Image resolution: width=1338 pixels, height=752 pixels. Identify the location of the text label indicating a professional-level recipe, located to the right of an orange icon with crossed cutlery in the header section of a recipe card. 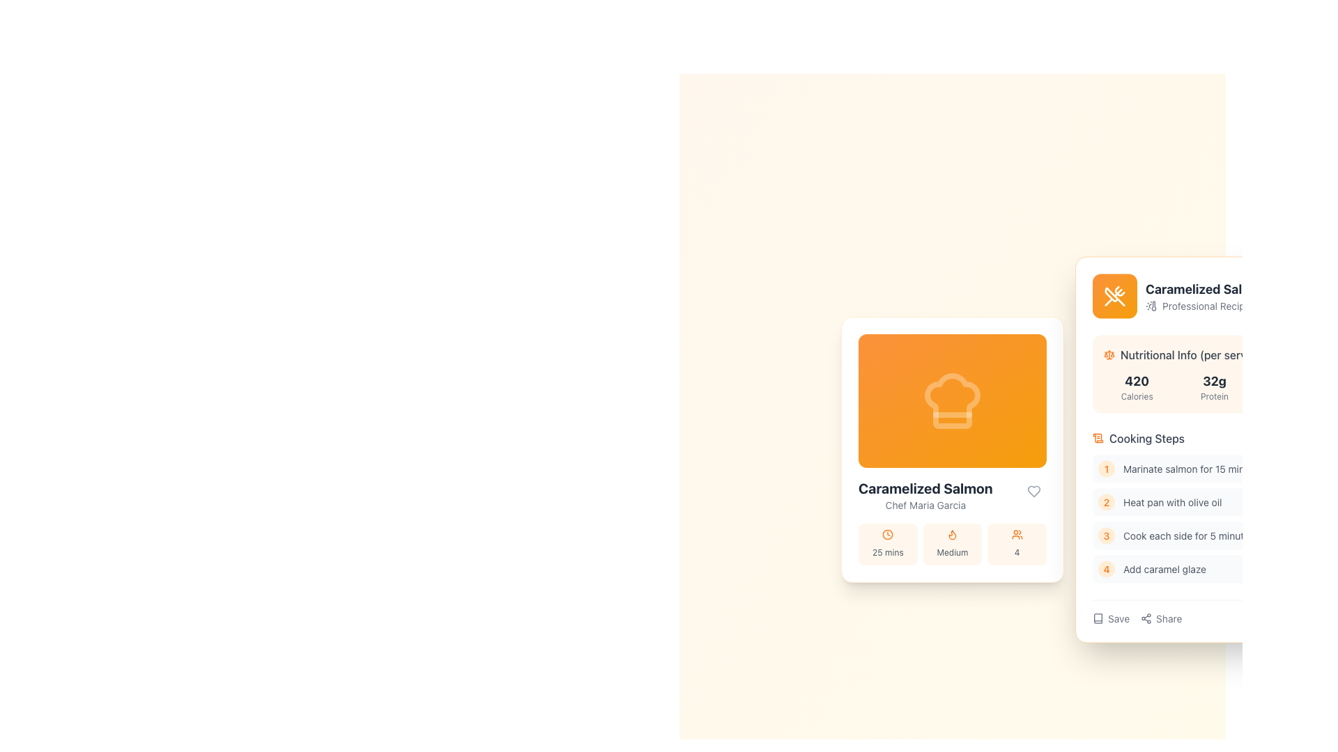
(1206, 305).